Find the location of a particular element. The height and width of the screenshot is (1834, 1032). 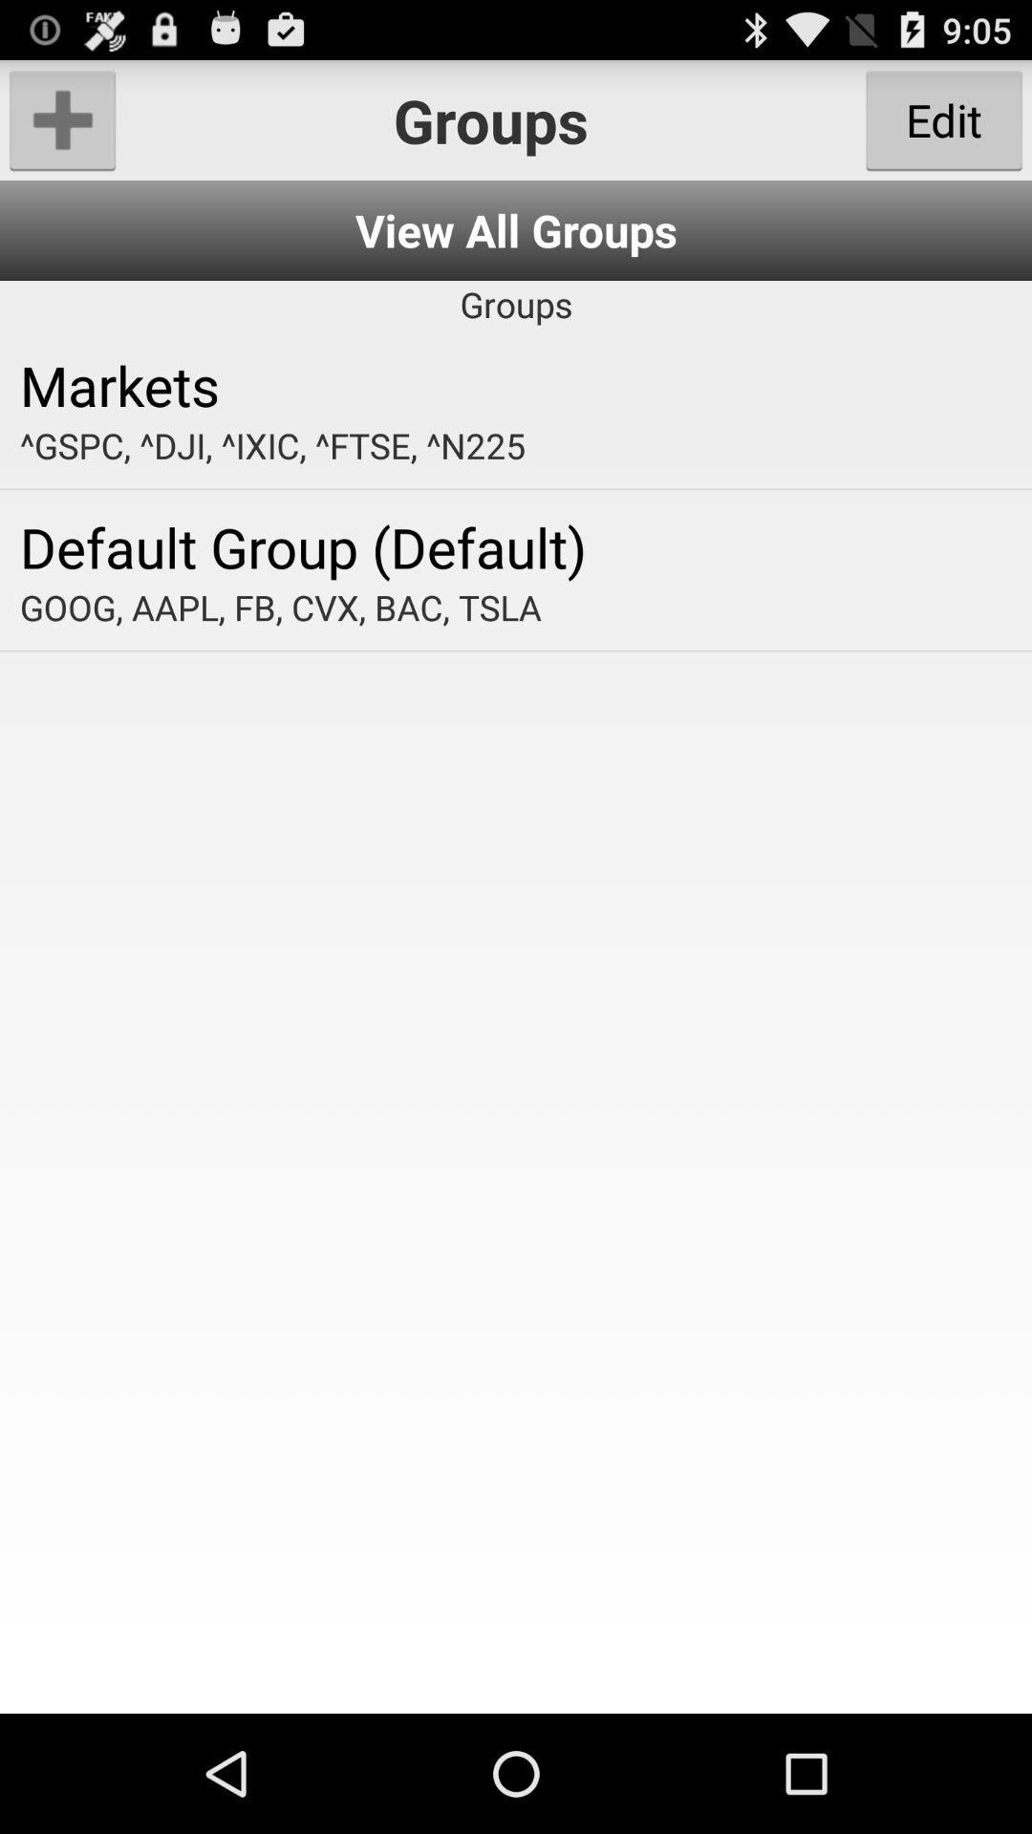

the item at the top left corner is located at coordinates (61, 118).